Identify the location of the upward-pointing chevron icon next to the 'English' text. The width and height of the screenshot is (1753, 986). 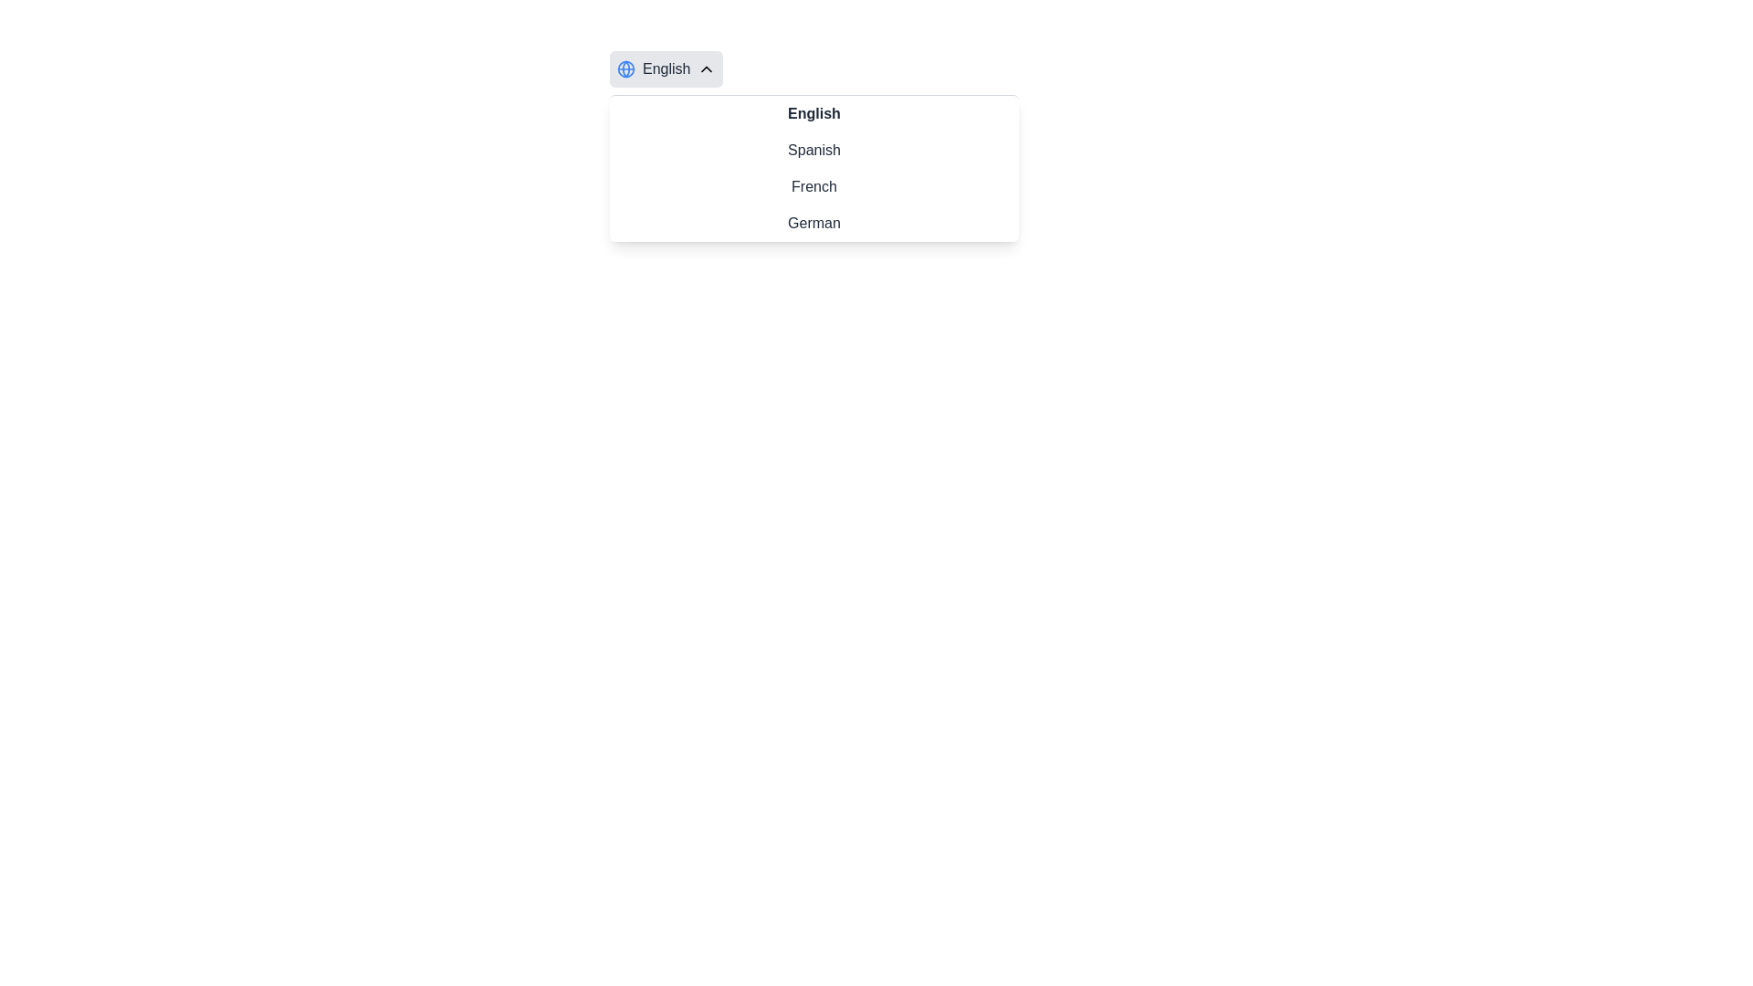
(706, 68).